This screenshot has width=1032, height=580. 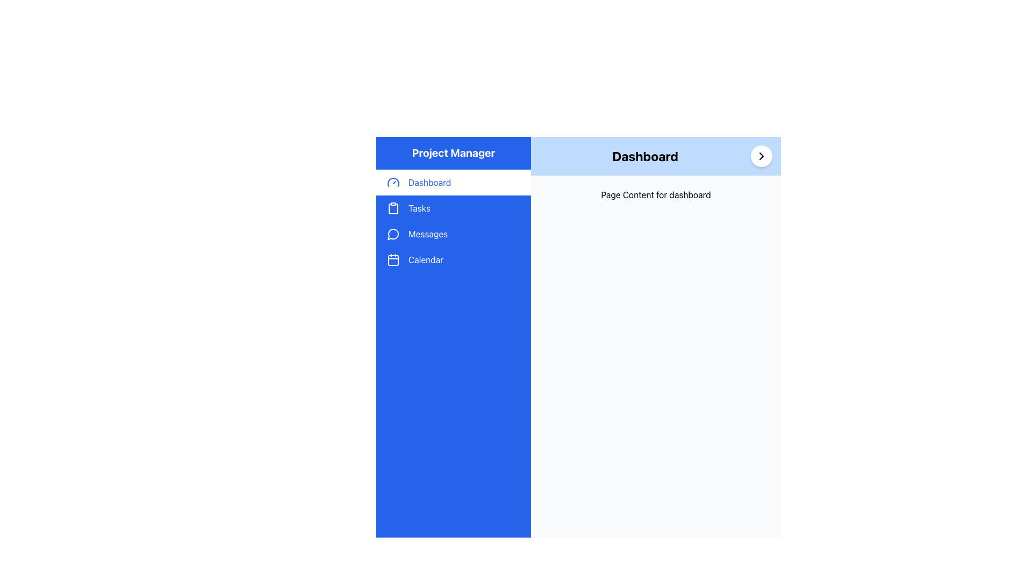 I want to click on the 'Calendar' text label in the vertical navigation menu, which is styled in white font against a blue background and is the fourth item below 'Messages', so click(x=425, y=259).